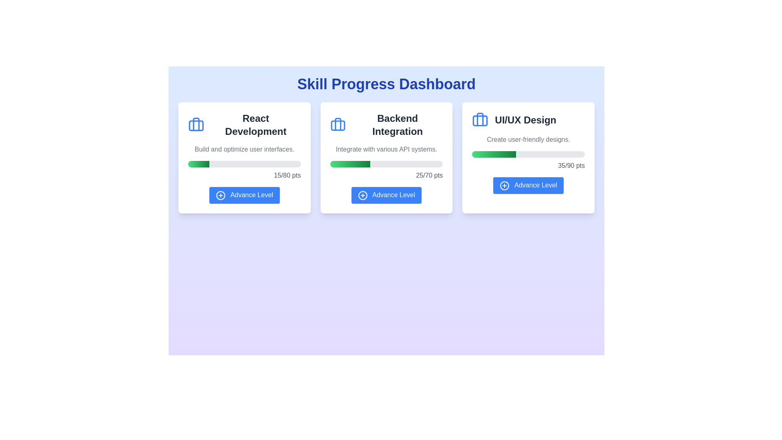 Image resolution: width=782 pixels, height=440 pixels. What do you see at coordinates (362, 195) in the screenshot?
I see `the circular icon with a plus symbol inside, which is part of the 'Advance Level' button in the center card labeled 'Backend Integration'` at bounding box center [362, 195].